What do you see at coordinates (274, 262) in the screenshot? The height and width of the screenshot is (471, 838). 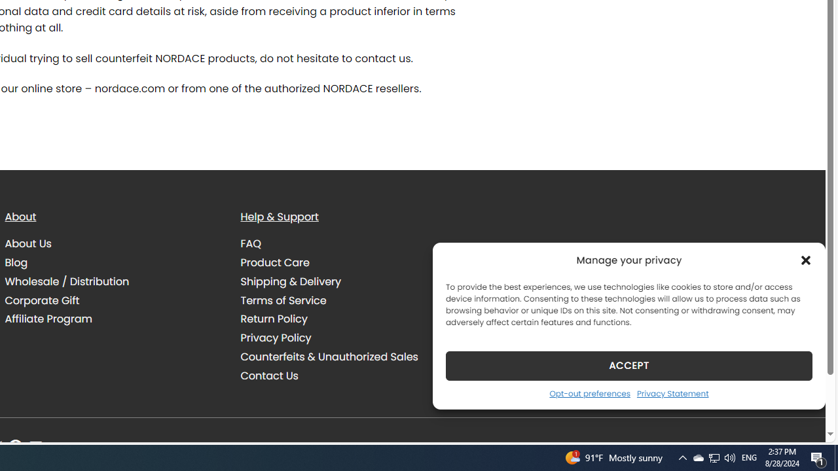 I see `'Product Care'` at bounding box center [274, 262].